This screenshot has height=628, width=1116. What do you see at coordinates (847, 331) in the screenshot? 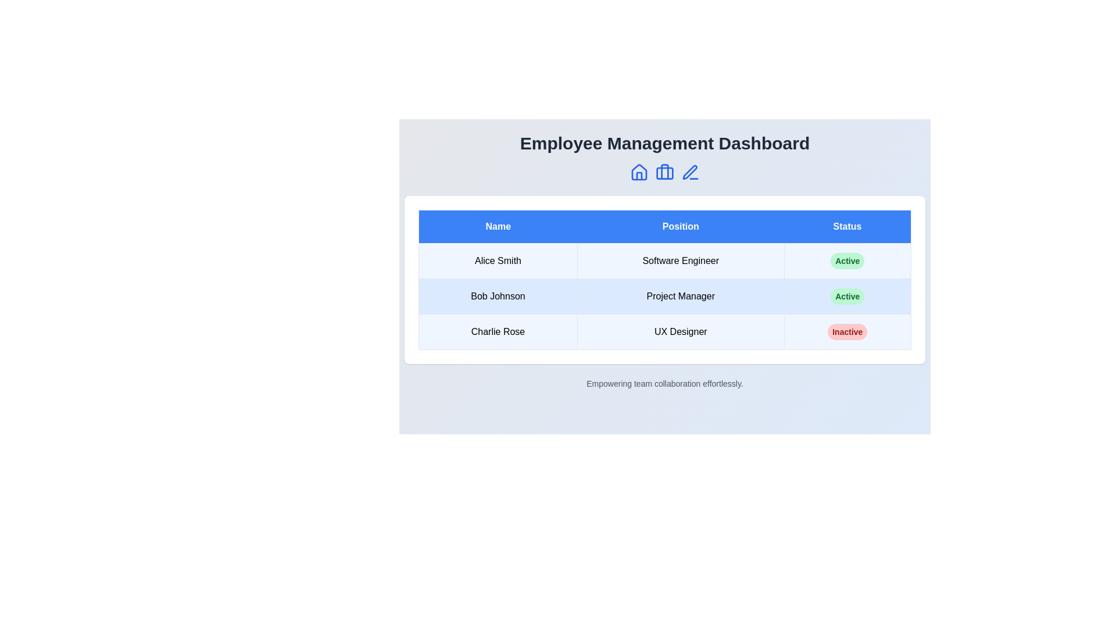
I see `the 'Inactive' status label for 'Charlie Rose' located in the 'Status' column of the third row in the table` at bounding box center [847, 331].